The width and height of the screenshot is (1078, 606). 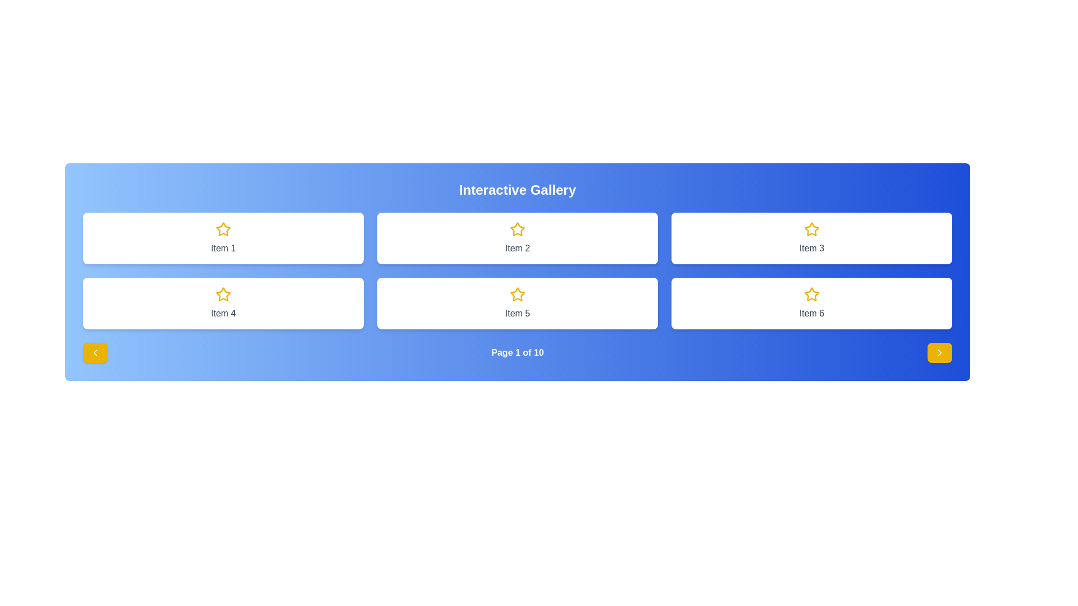 What do you see at coordinates (517, 237) in the screenshot?
I see `the white rectangular card with rounded corners that contains a yellow star icon and the text 'Item 2' in gray, located in the first row, second column of the grid layout` at bounding box center [517, 237].